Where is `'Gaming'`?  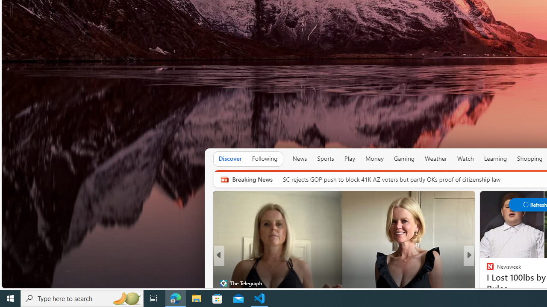 'Gaming' is located at coordinates (403, 159).